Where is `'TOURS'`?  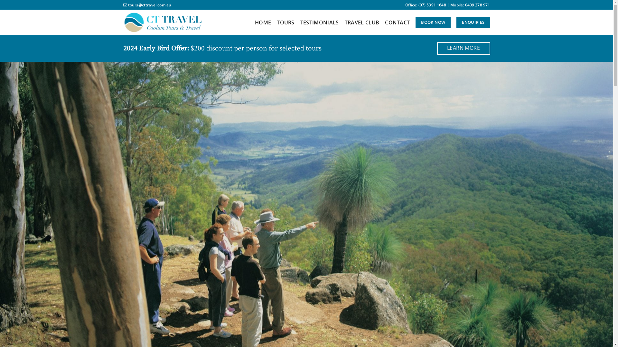
'TOURS' is located at coordinates (285, 22).